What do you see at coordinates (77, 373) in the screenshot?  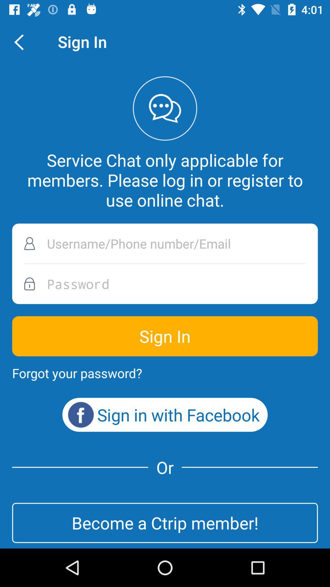 I see `item below the sign in icon` at bounding box center [77, 373].